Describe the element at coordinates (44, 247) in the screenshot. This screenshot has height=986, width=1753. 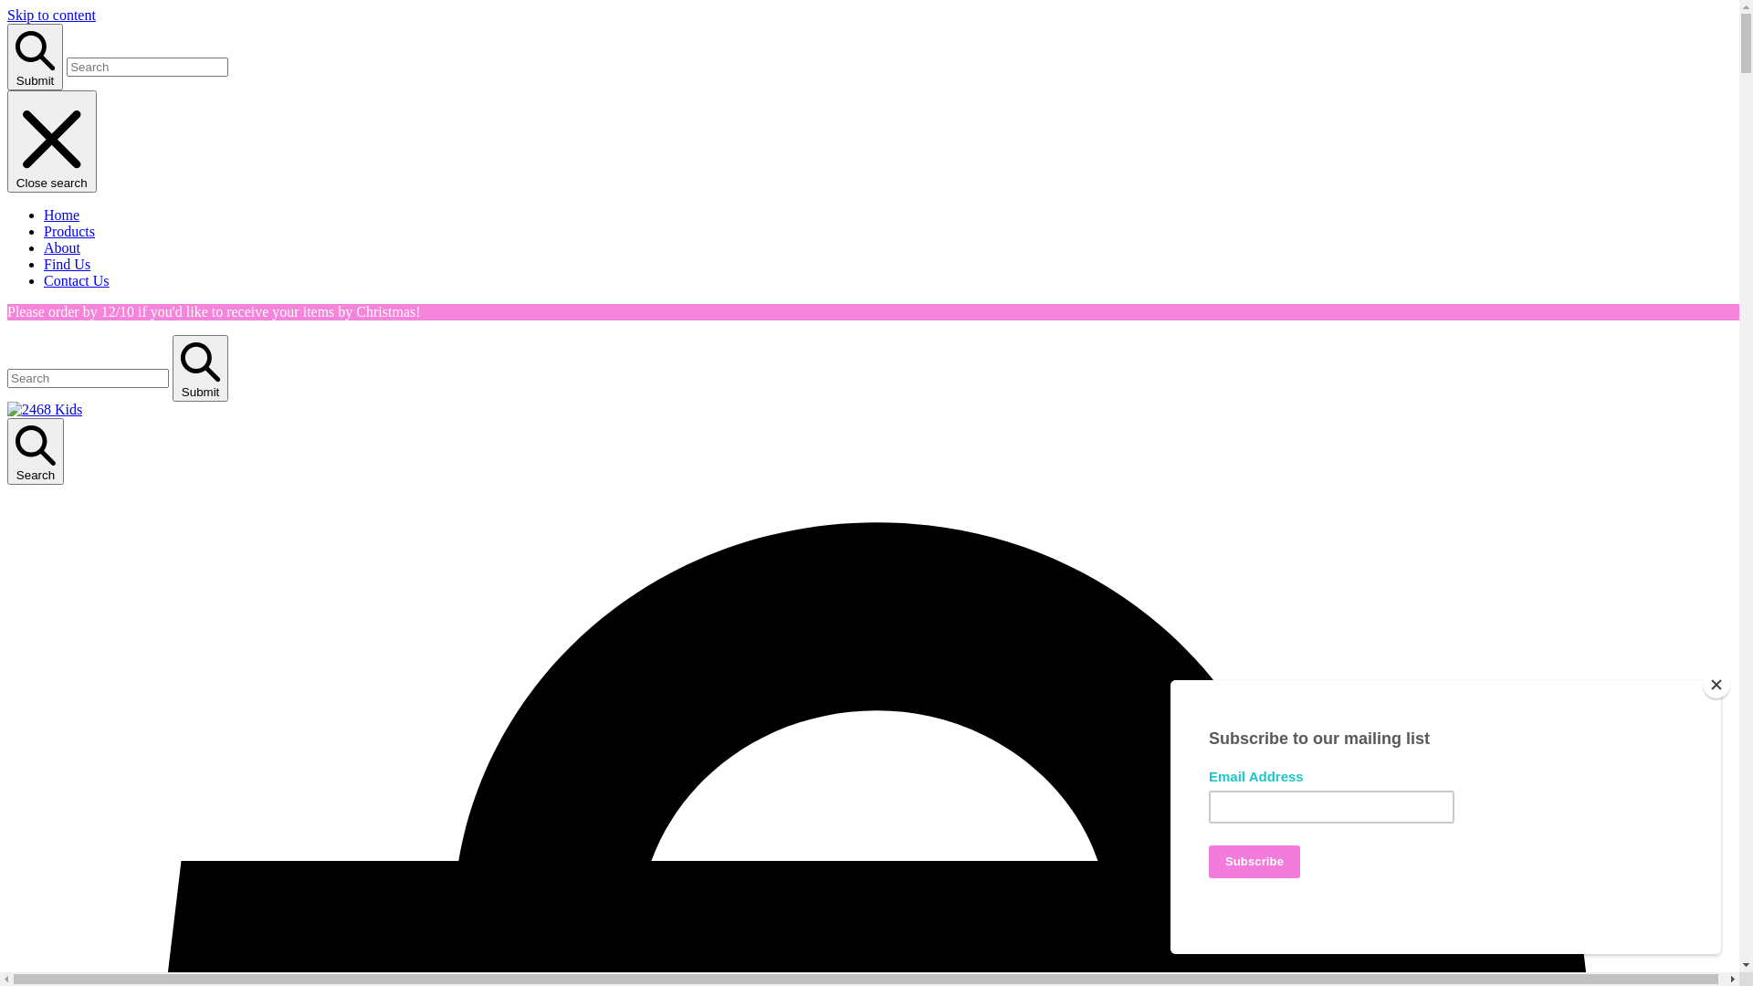
I see `'About'` at that location.